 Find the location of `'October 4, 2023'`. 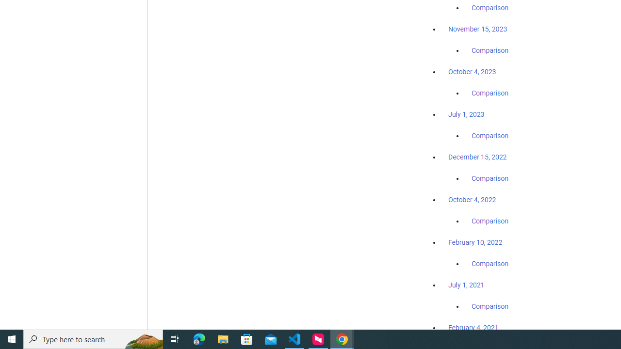

'October 4, 2023' is located at coordinates (472, 71).